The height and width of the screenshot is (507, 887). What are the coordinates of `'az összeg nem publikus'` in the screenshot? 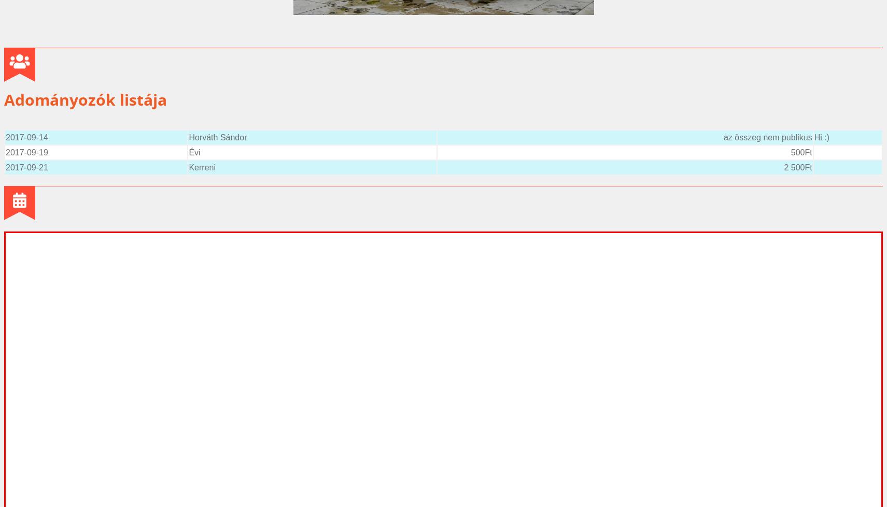 It's located at (767, 137).